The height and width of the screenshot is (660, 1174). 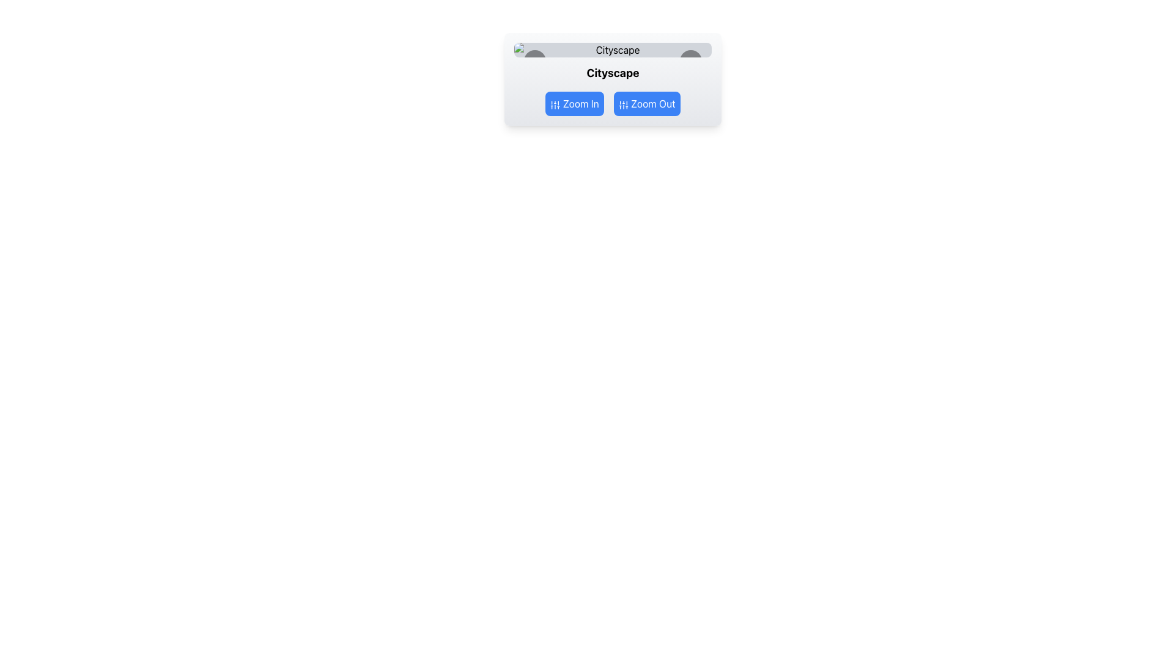 I want to click on the 'Zoom In' button which contains the decorative icon, located on the left side of the button group below 'Cityscape', so click(x=555, y=104).